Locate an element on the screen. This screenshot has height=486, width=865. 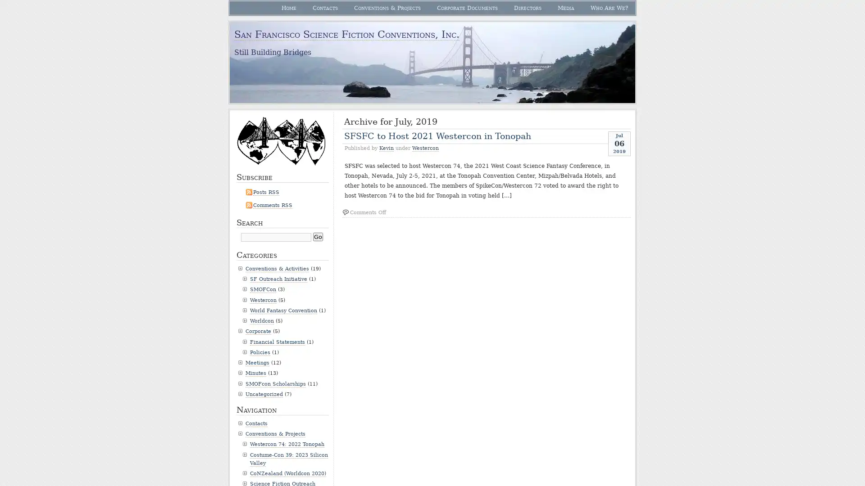
Go is located at coordinates (318, 236).